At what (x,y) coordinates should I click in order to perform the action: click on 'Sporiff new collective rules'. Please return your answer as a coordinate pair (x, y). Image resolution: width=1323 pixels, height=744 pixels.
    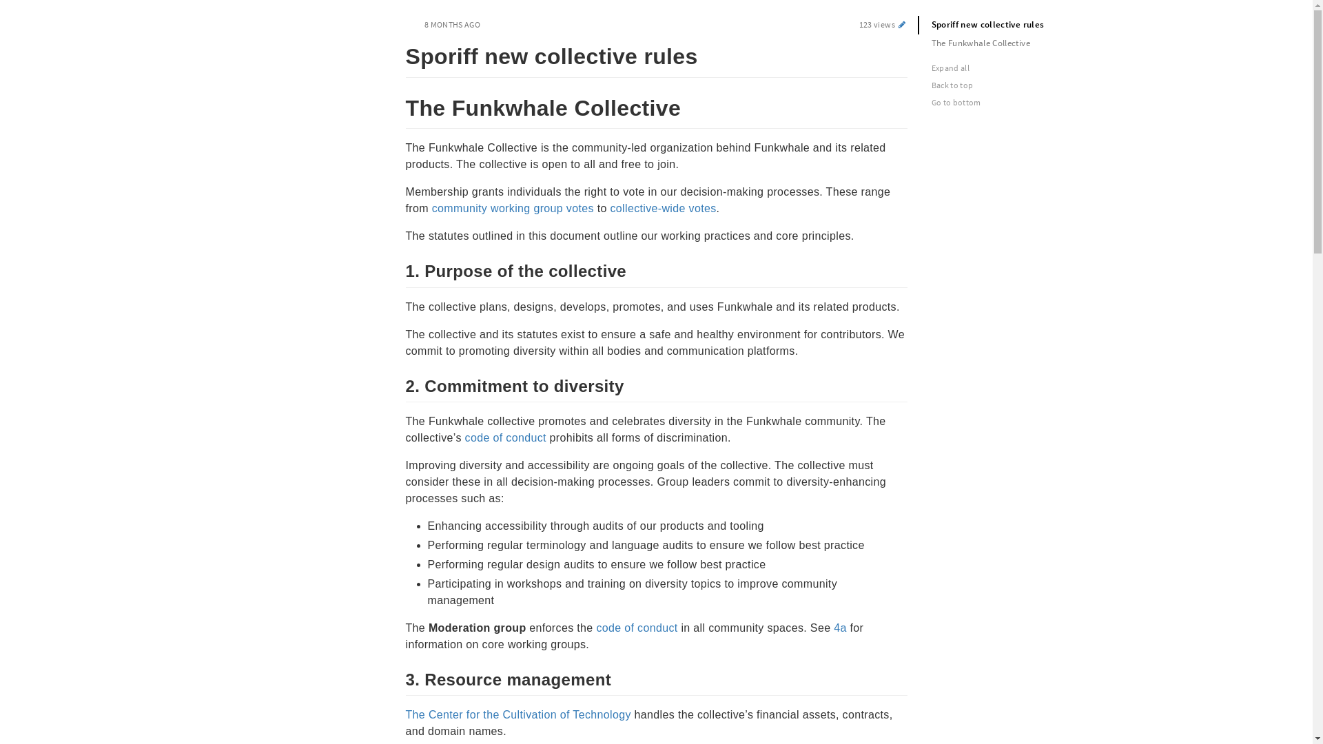
    Looking at the image, I should click on (1009, 25).